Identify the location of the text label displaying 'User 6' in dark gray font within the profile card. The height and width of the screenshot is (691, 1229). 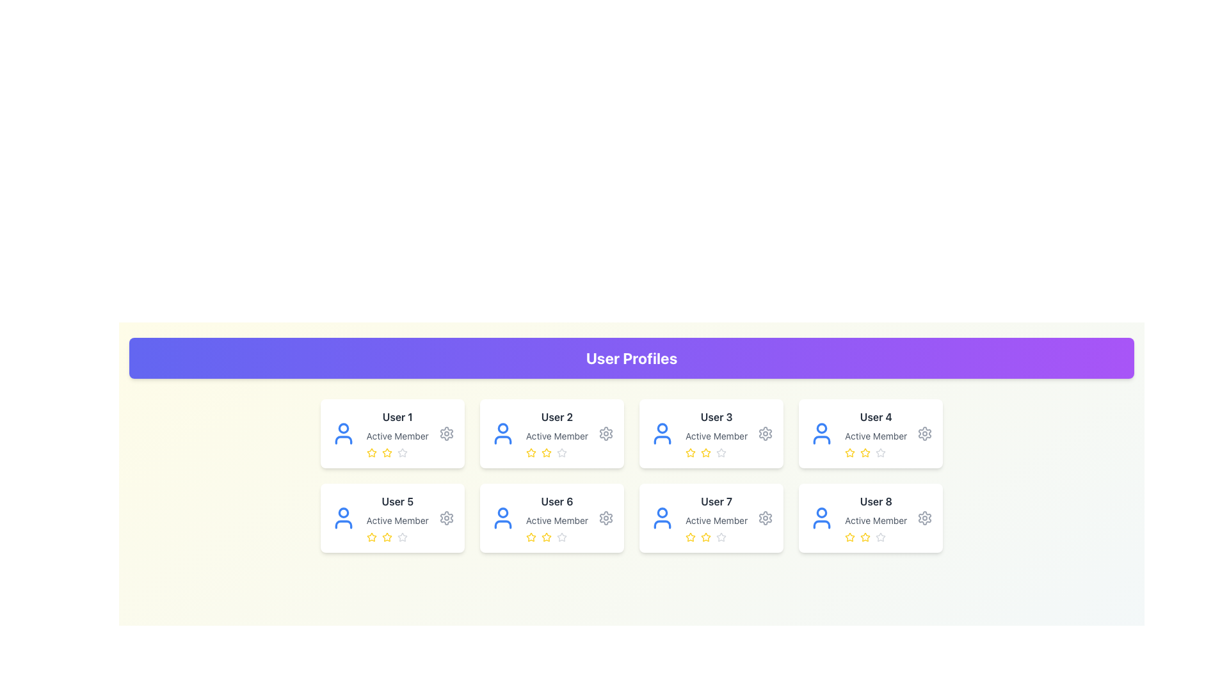
(557, 500).